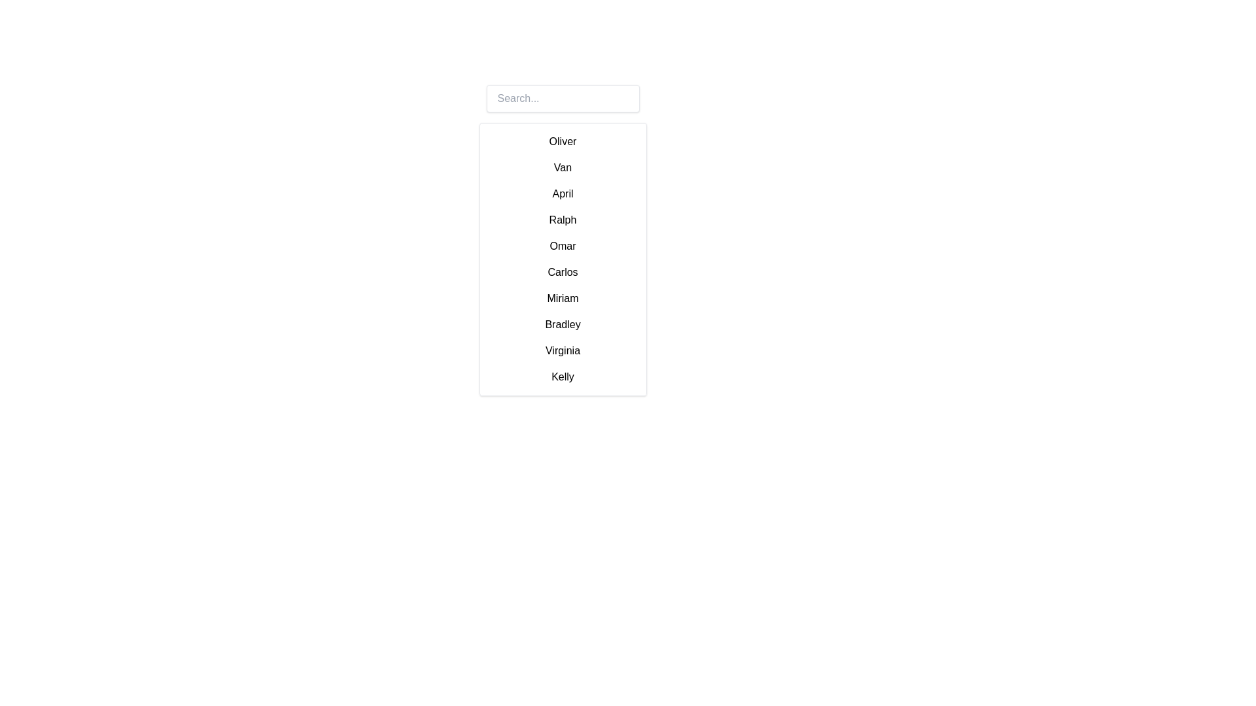 The height and width of the screenshot is (706, 1256). What do you see at coordinates (563, 246) in the screenshot?
I see `the fifth list item displaying the word 'Omar'` at bounding box center [563, 246].